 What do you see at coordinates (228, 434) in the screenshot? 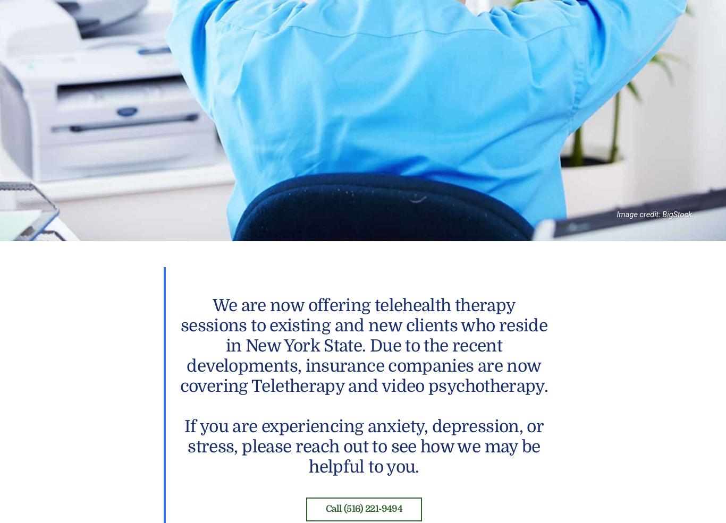
I see `'Family Counseling, Long Island, NY. Using A Family Counselor'` at bounding box center [228, 434].